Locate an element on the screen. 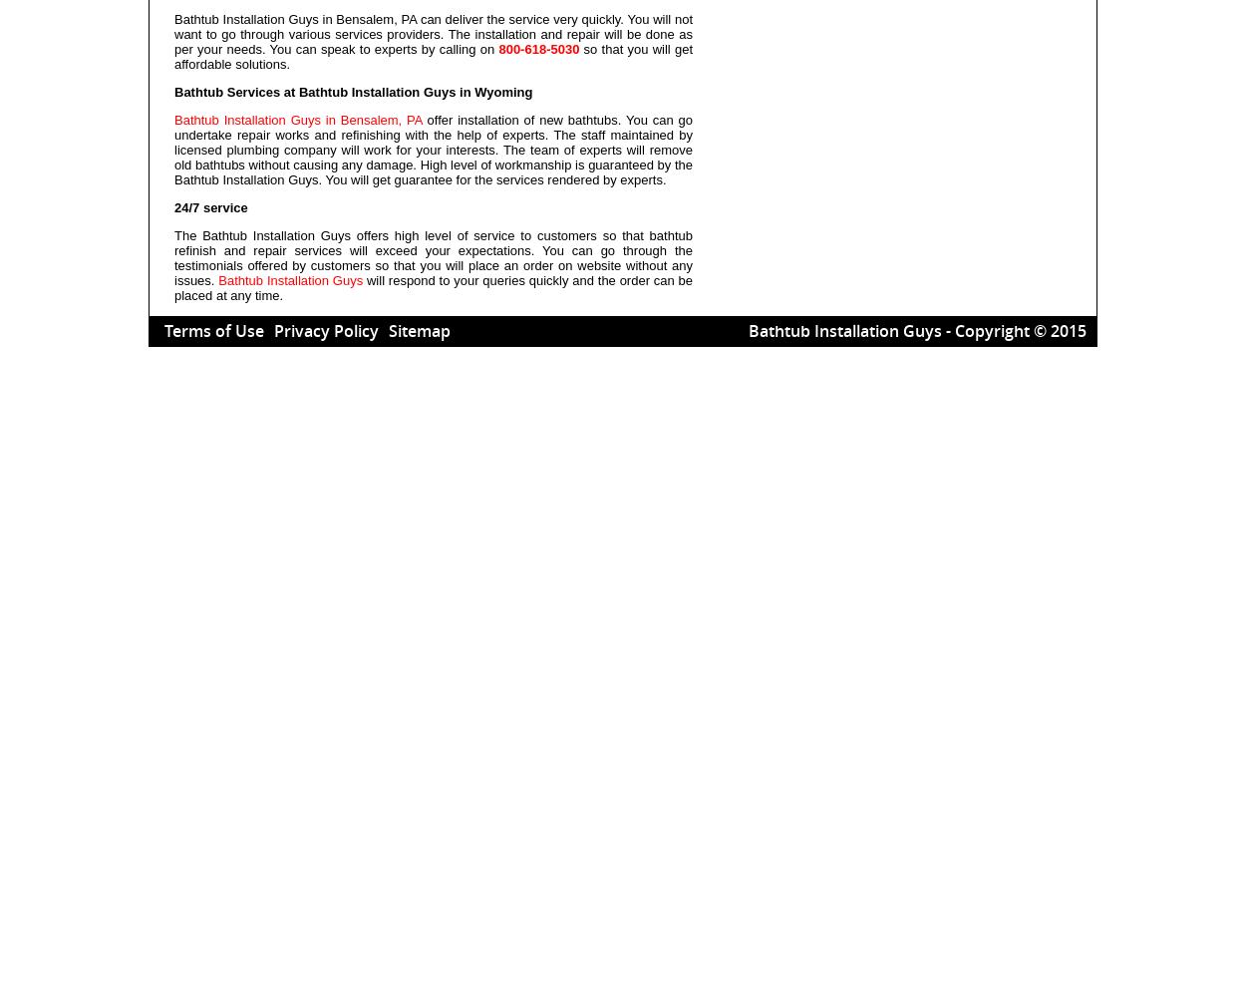  'OR' is located at coordinates (819, 46).